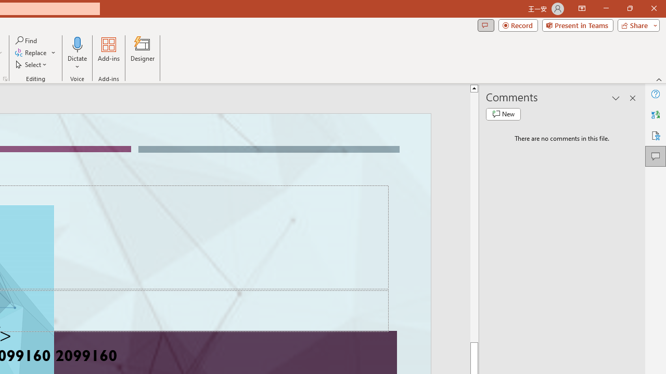  I want to click on 'Replace...', so click(31, 52).